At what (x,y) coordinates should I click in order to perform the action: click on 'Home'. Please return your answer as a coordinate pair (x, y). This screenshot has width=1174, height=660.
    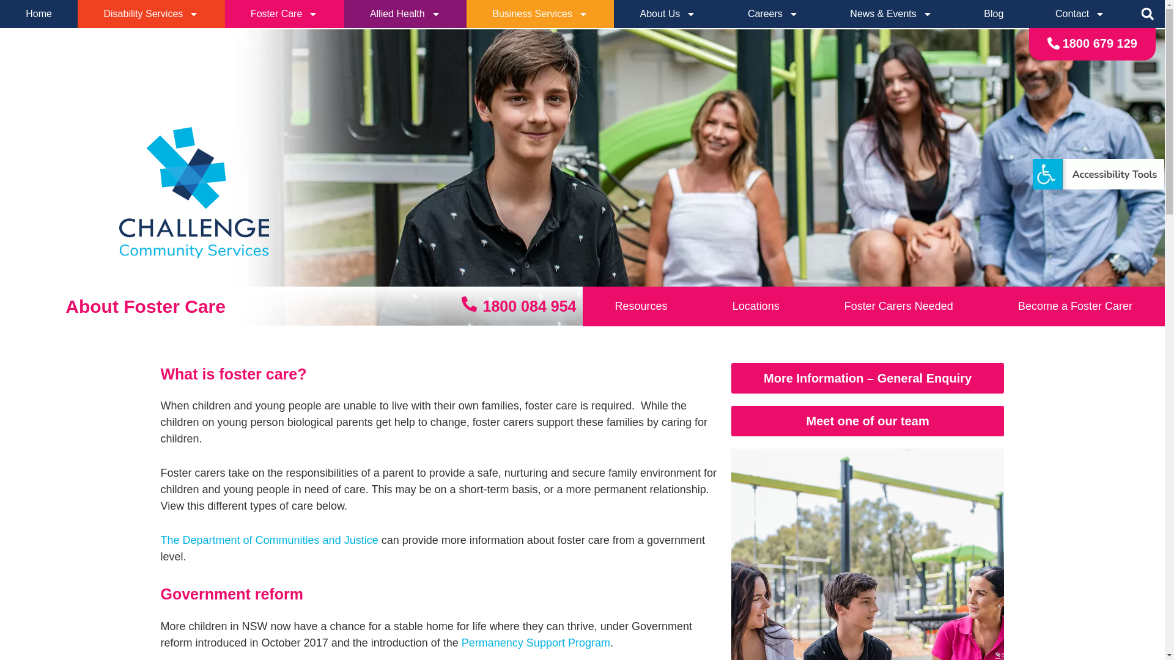
    Looking at the image, I should click on (39, 14).